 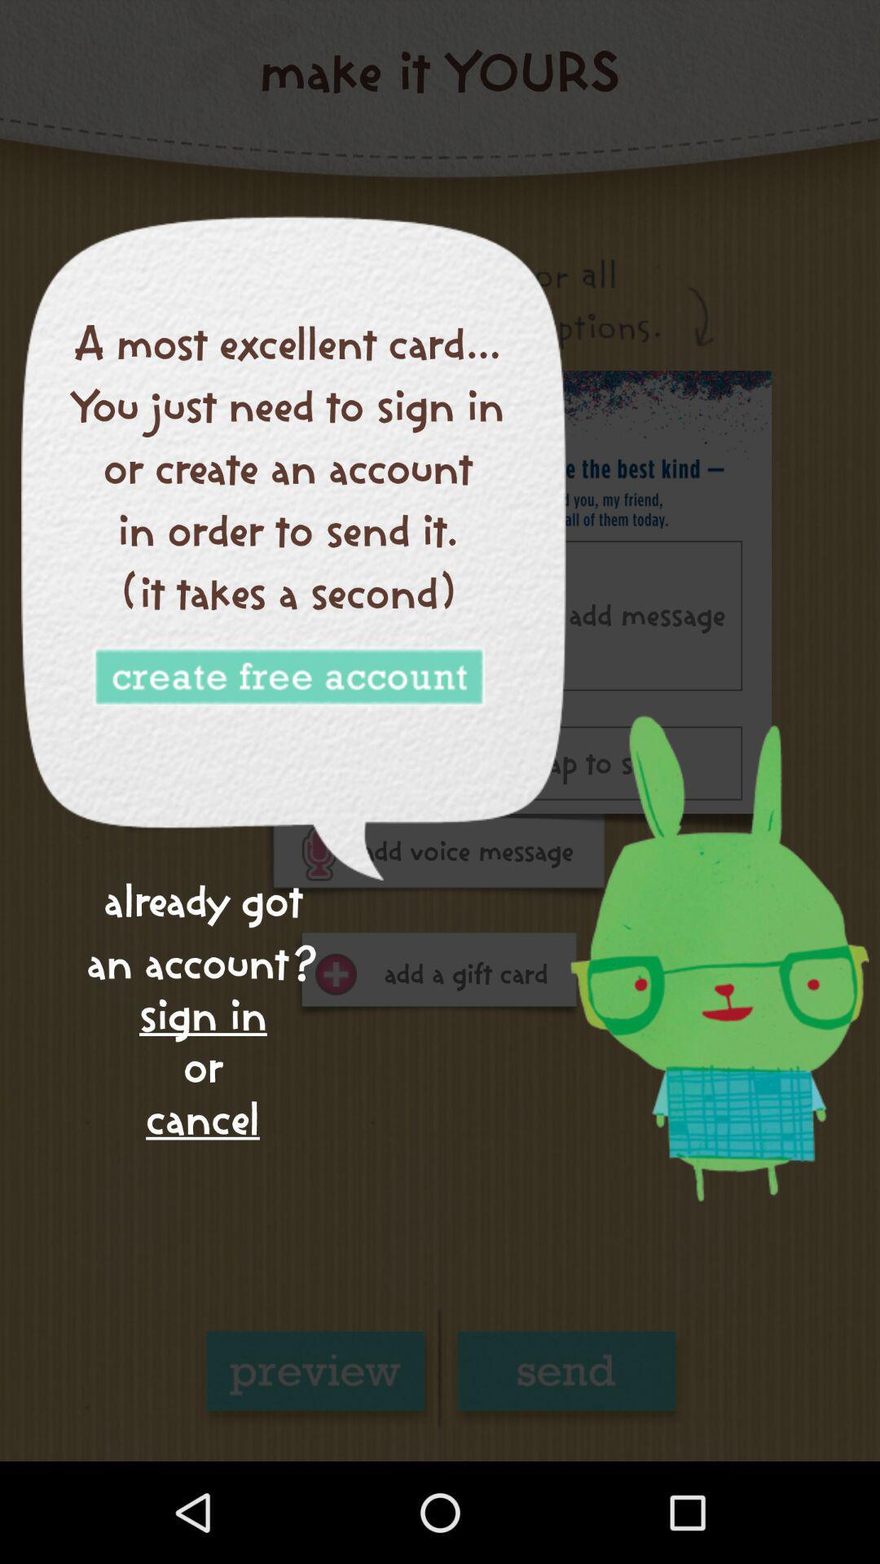 I want to click on cancel icon, so click(x=202, y=1118).